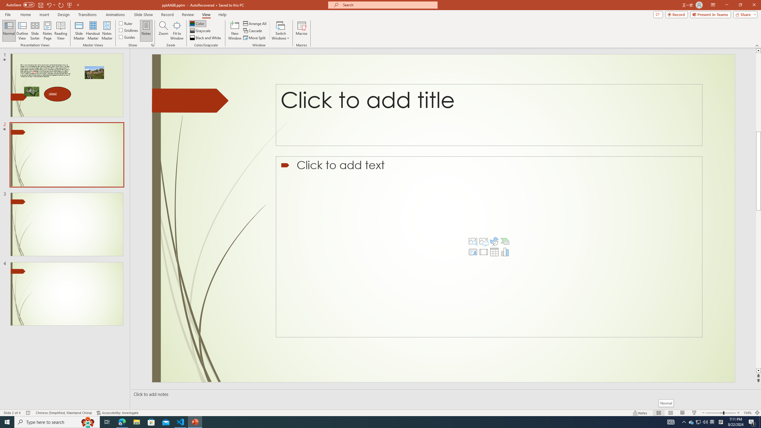  What do you see at coordinates (47, 31) in the screenshot?
I see `'Notes Page'` at bounding box center [47, 31].